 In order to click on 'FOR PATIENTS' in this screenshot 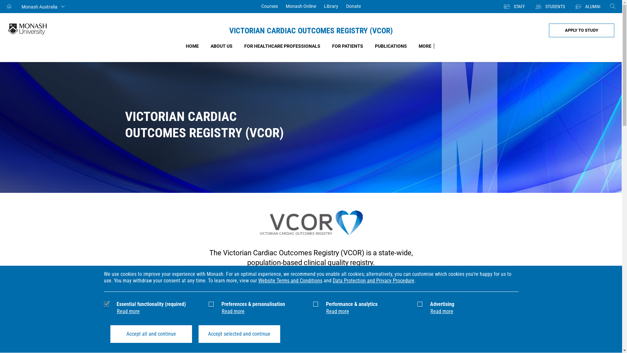, I will do `click(347, 46)`.